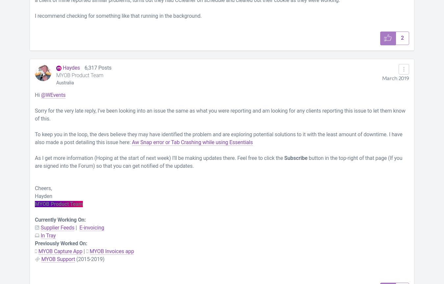 The height and width of the screenshot is (284, 444). Describe the element at coordinates (61, 243) in the screenshot. I see `'Previously Worked On:'` at that location.